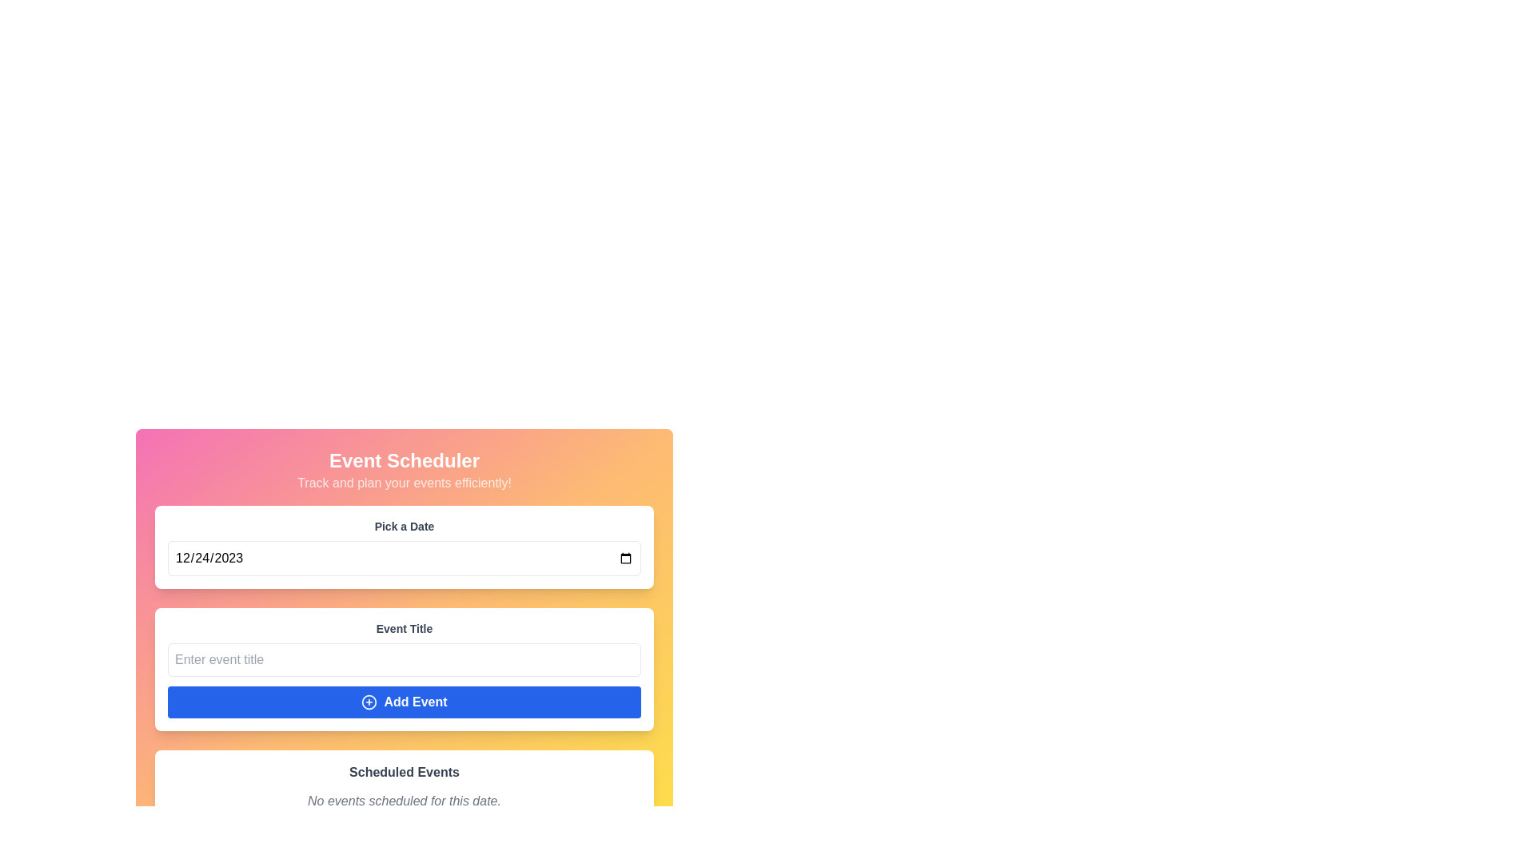 The height and width of the screenshot is (863, 1535). Describe the element at coordinates (369, 702) in the screenshot. I see `the icon representing the action of adding an event, which is located at the center-left section of the 'Add Event' button below the 'Event Title' input field` at that location.